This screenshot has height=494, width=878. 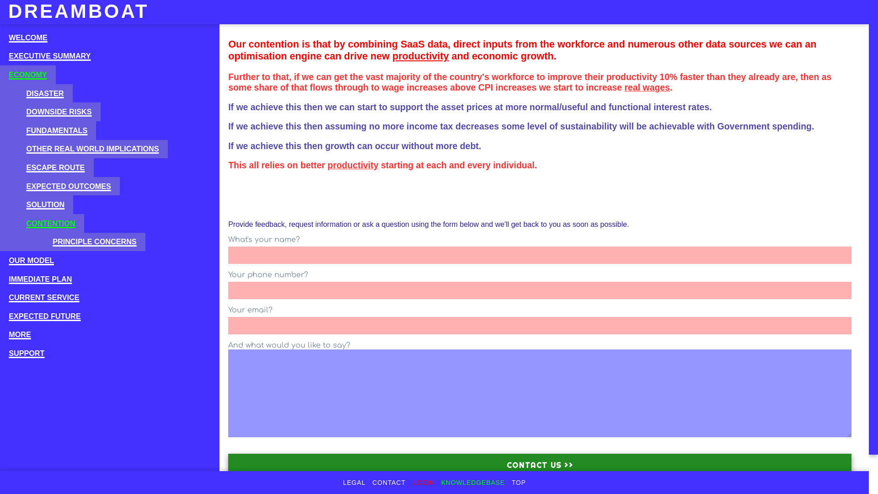 What do you see at coordinates (0, 279) in the screenshot?
I see `'IMMEDIATE PLAN'` at bounding box center [0, 279].